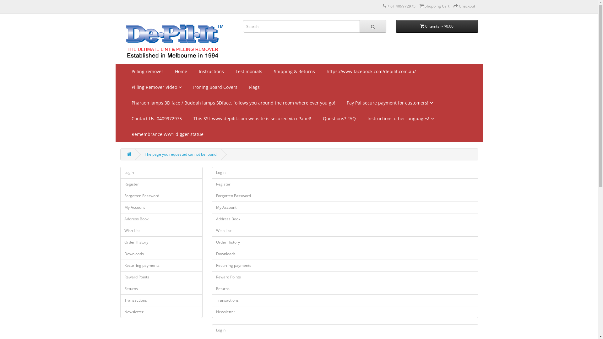  What do you see at coordinates (161, 207) in the screenshot?
I see `'My Account'` at bounding box center [161, 207].